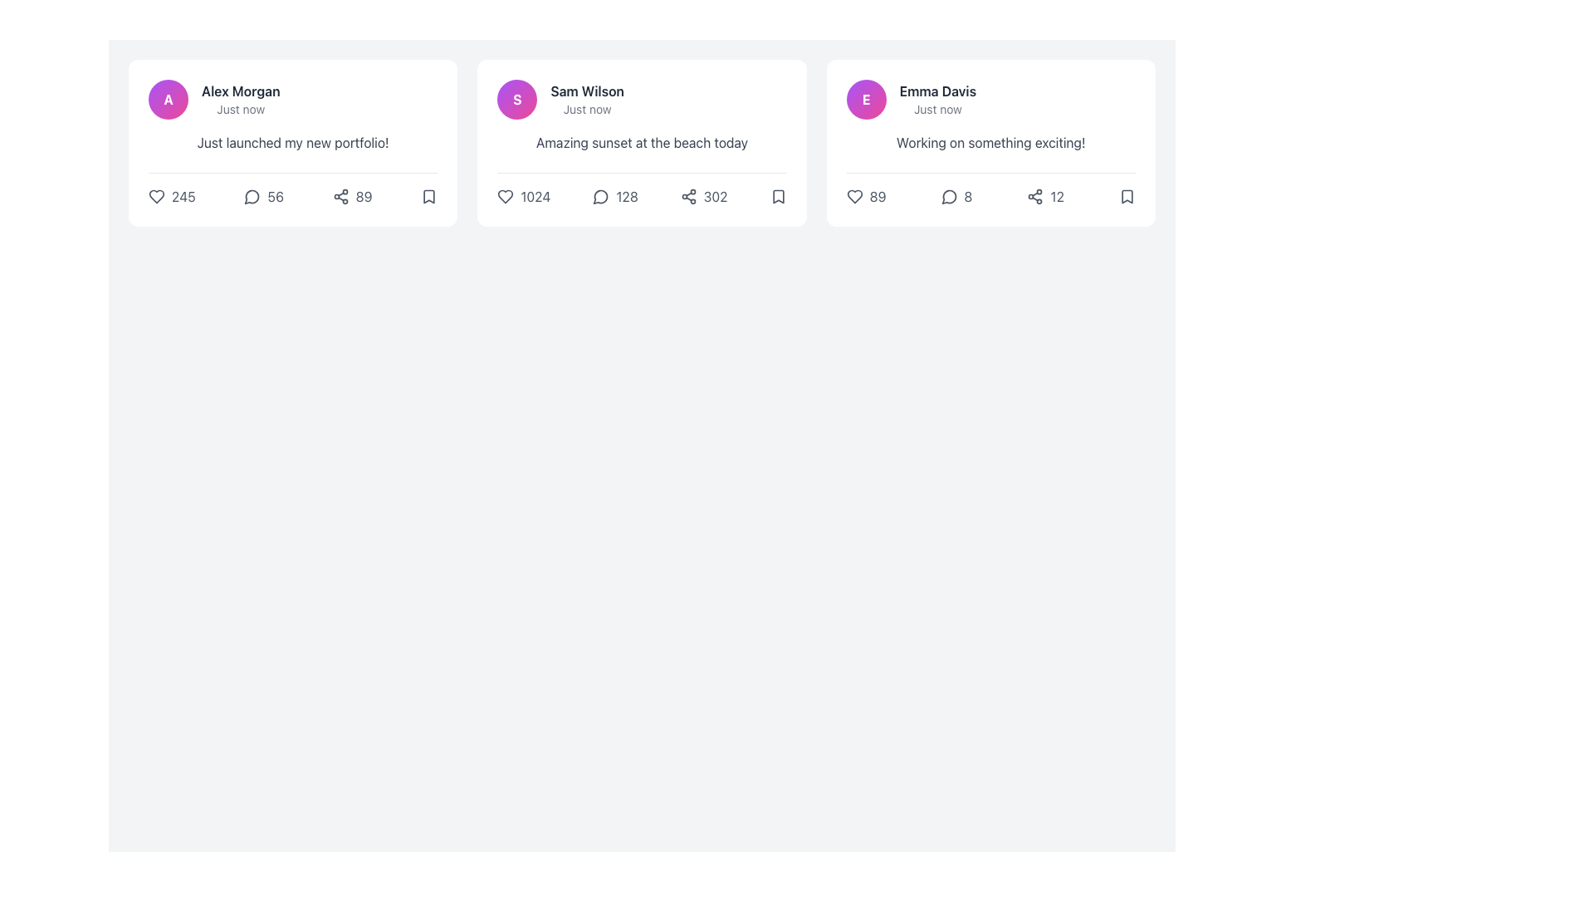  What do you see at coordinates (626, 195) in the screenshot?
I see `the text label displaying '128' that is part of the user interaction area for a post, located to the right of the comment icon` at bounding box center [626, 195].